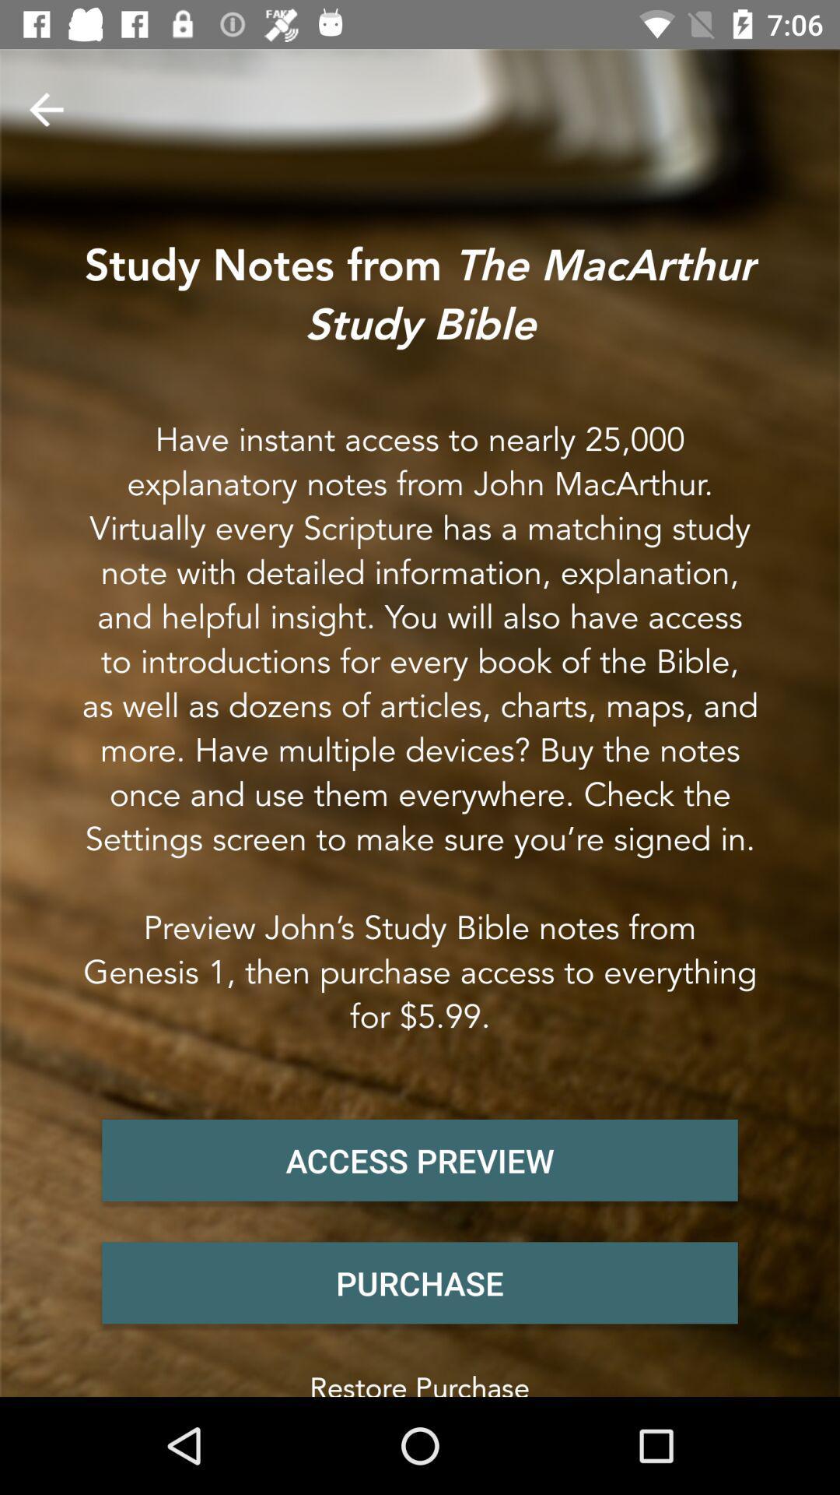  What do you see at coordinates (45, 108) in the screenshot?
I see `item above the study notes from` at bounding box center [45, 108].